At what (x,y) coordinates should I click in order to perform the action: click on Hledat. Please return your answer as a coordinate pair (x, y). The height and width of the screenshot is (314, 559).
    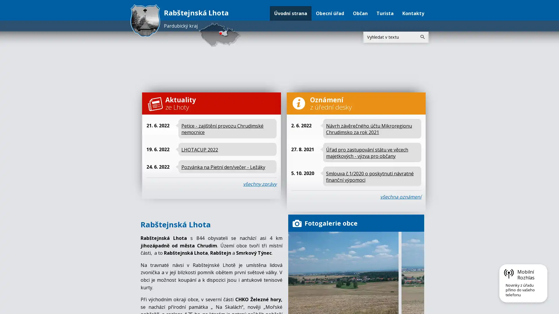
    Looking at the image, I should click on (422, 37).